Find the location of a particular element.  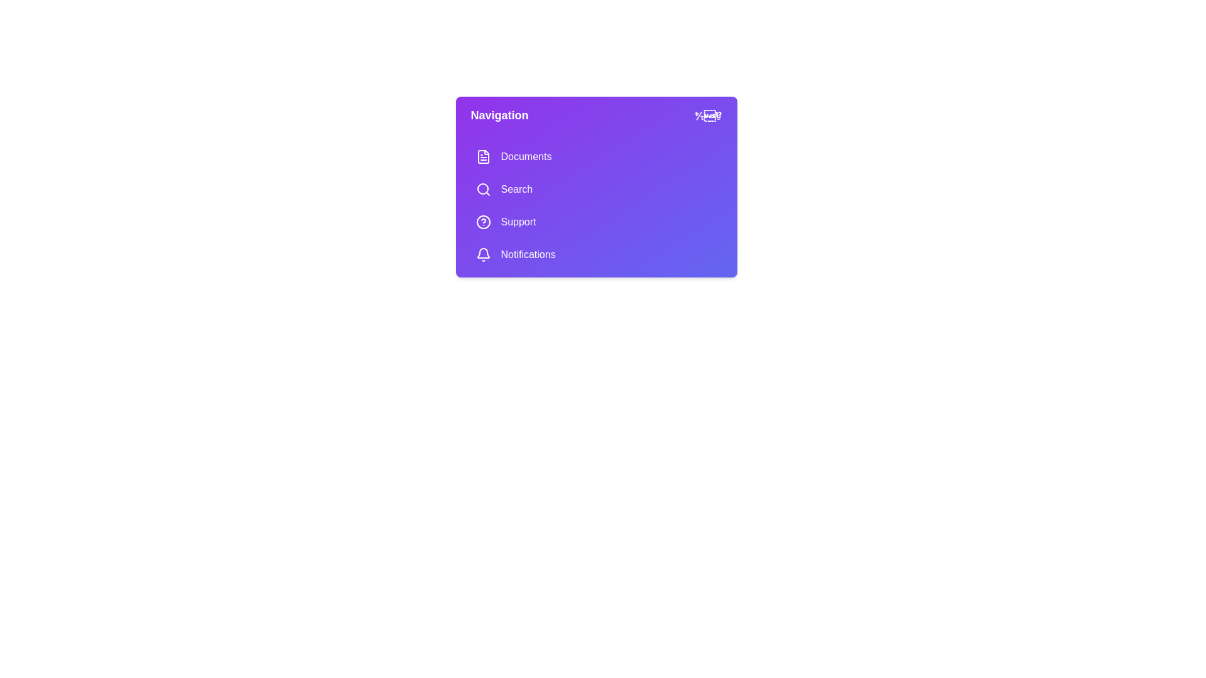

the menu item Support to observe the visual feedback is located at coordinates (595, 222).